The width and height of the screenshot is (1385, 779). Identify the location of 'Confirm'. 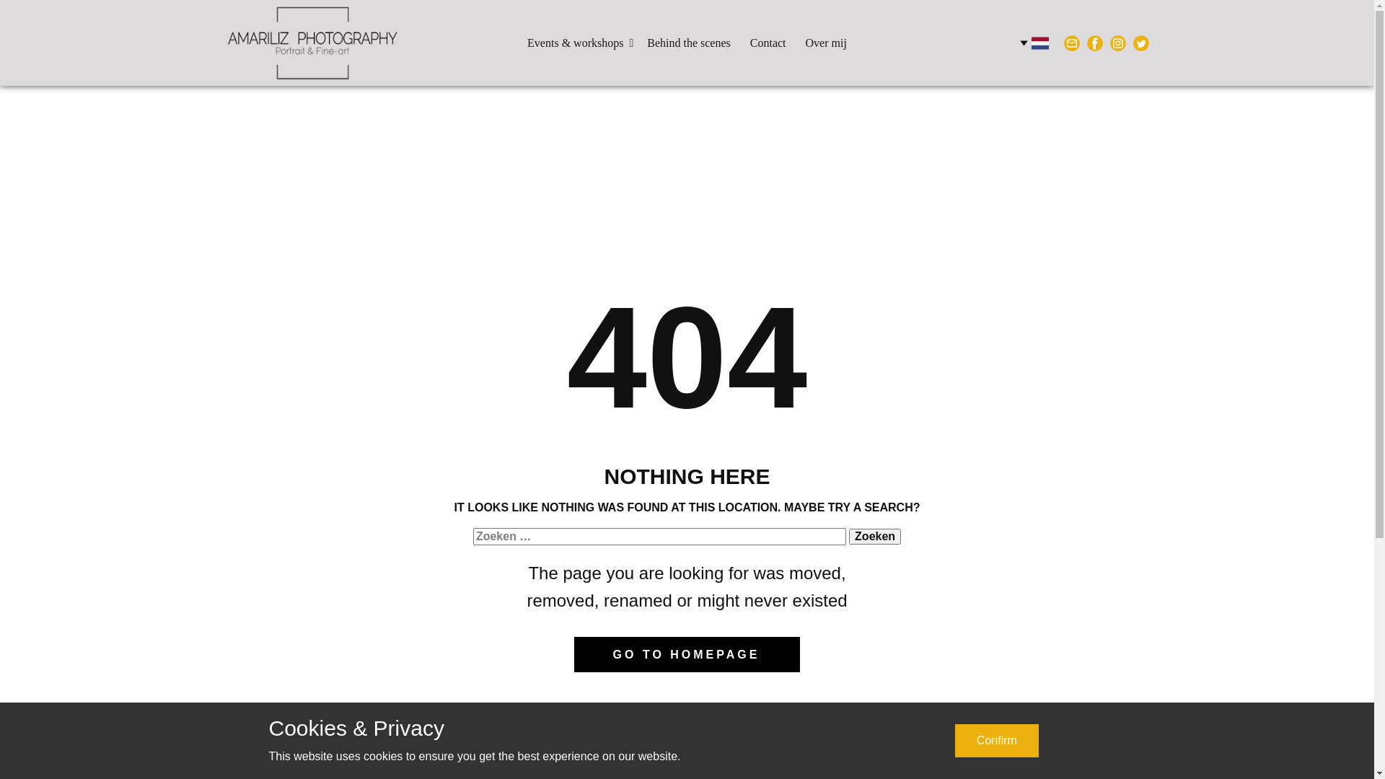
(996, 740).